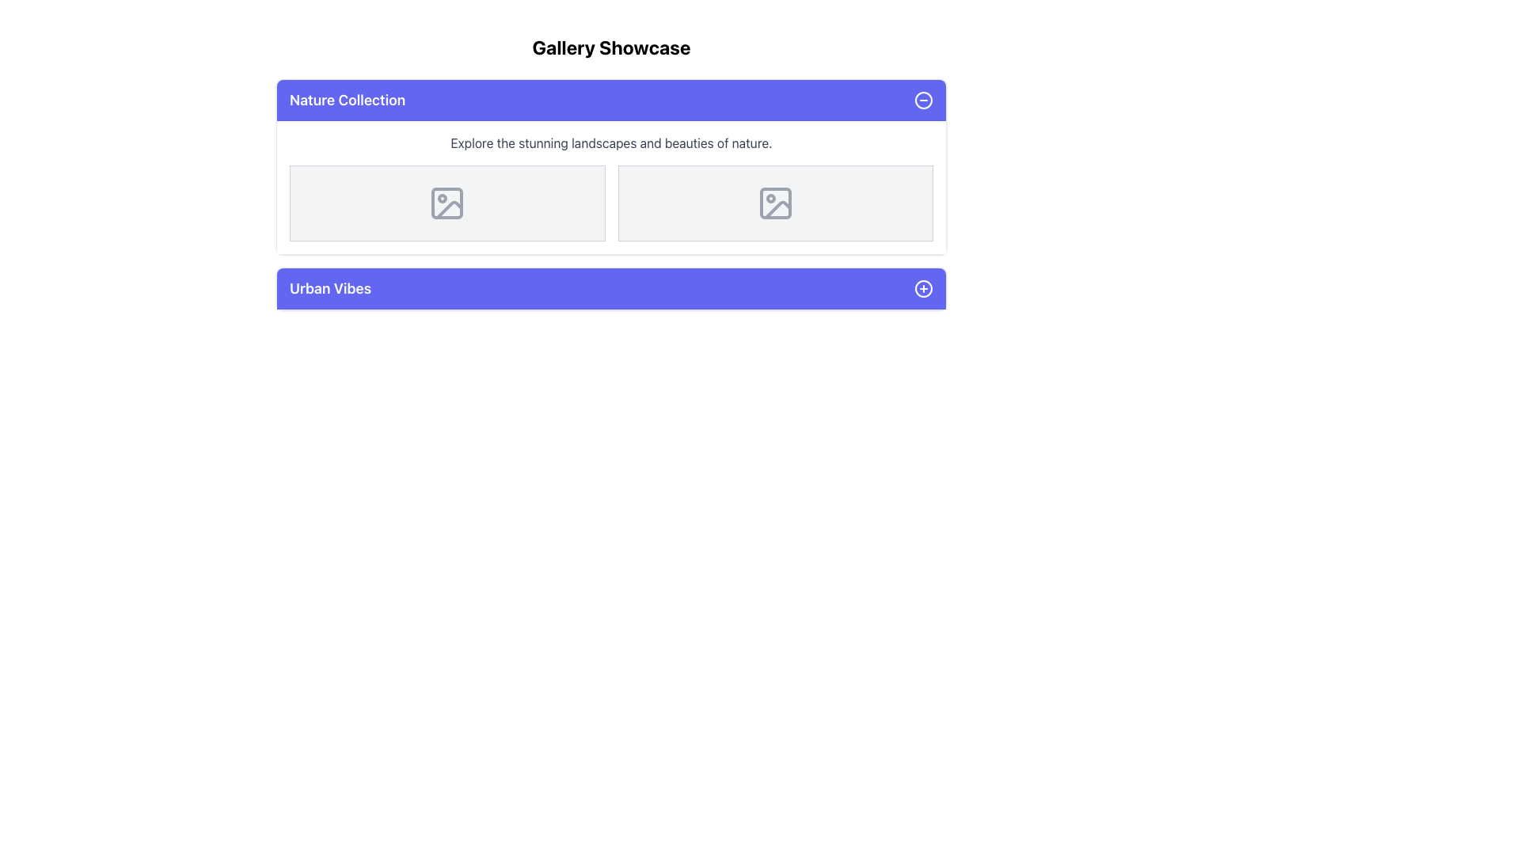  Describe the element at coordinates (923, 289) in the screenshot. I see `the circular border of the plus icon, which is part of the SVG graphic overlay on the purple bar labeled 'Urban Vibes'` at that location.